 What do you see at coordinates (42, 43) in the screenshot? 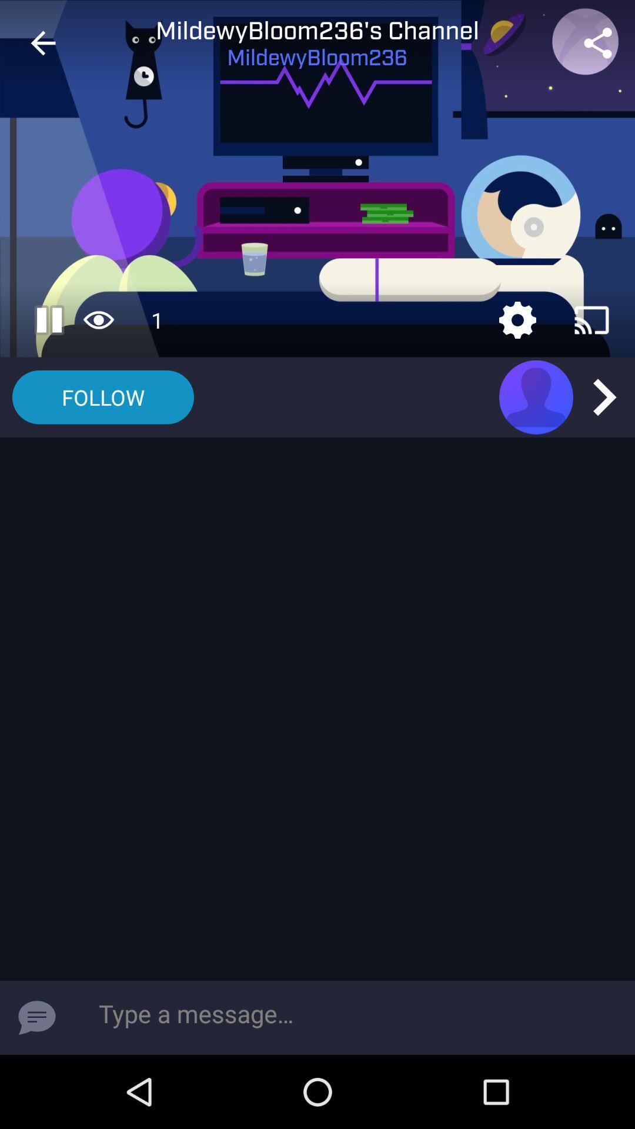
I see `the item next to mildewybloom236's channel icon` at bounding box center [42, 43].